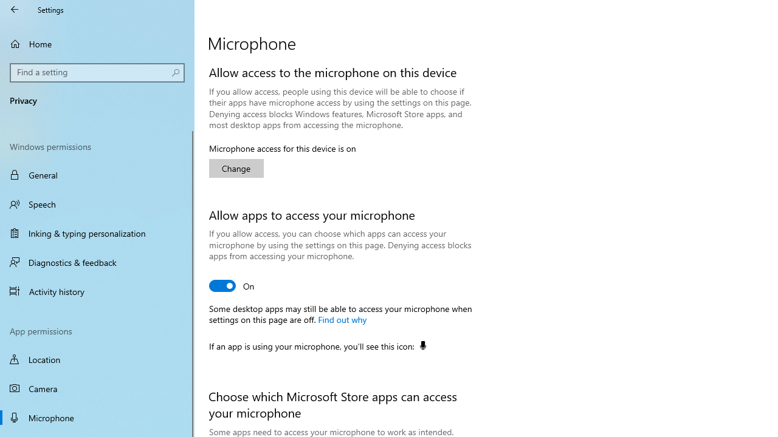  I want to click on 'Speech', so click(97, 203).